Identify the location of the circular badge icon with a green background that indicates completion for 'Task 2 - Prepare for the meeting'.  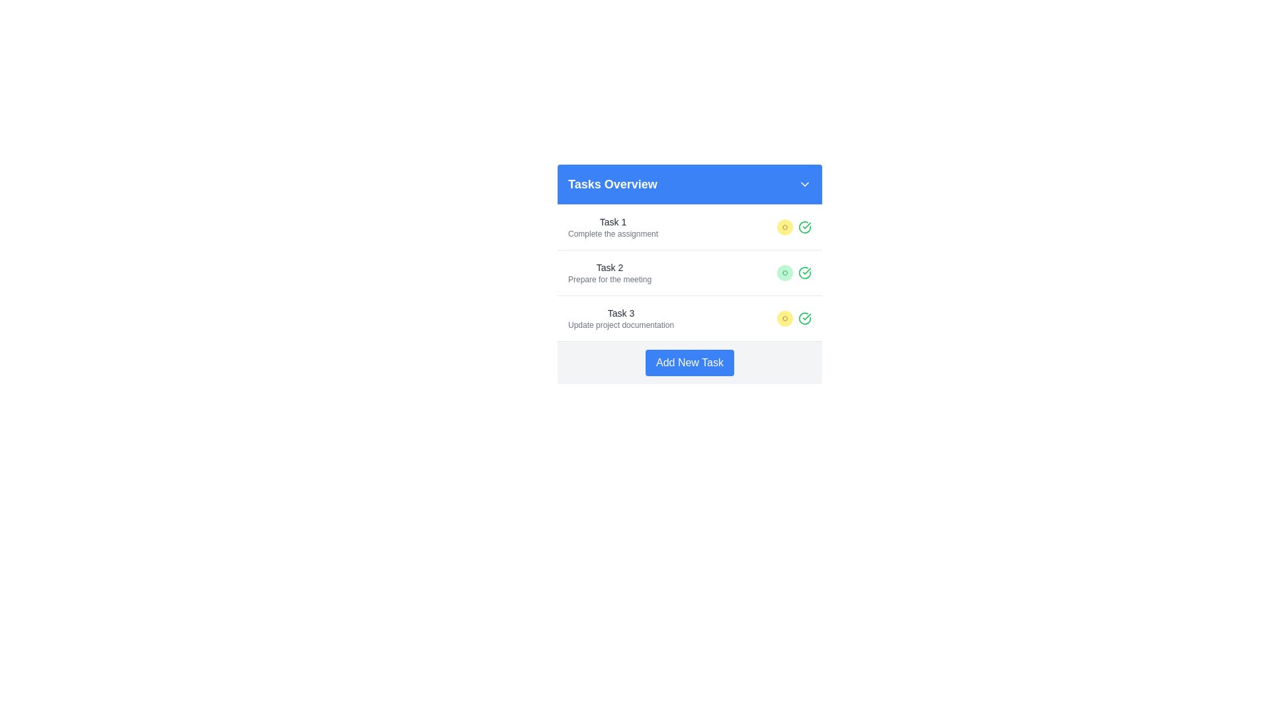
(784, 272).